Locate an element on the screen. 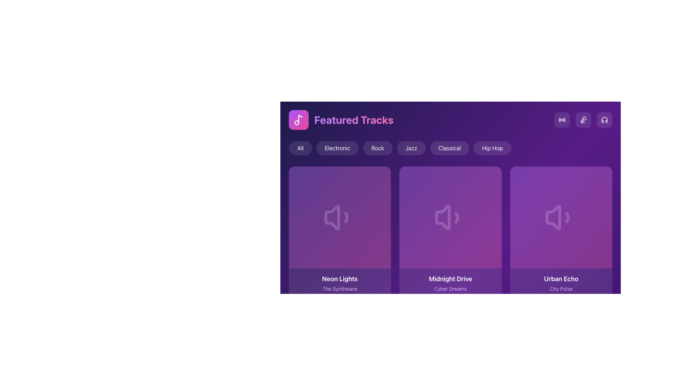 Image resolution: width=678 pixels, height=381 pixels. the square-shaped area with a gradient background and a centrally placed speaker icon to trigger additional effects is located at coordinates (450, 217).